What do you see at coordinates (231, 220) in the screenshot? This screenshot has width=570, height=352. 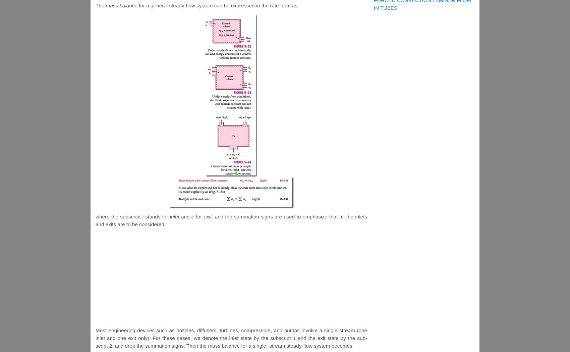 I see `'and the summation signs are used to emphasize that all the inlets and exits are to be considered.'` at bounding box center [231, 220].